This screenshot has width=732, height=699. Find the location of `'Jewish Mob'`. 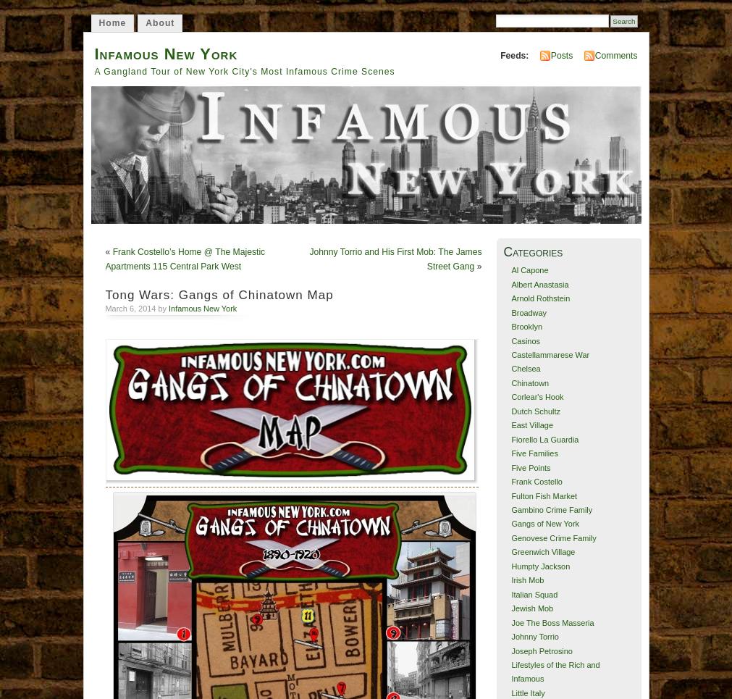

'Jewish Mob' is located at coordinates (531, 608).